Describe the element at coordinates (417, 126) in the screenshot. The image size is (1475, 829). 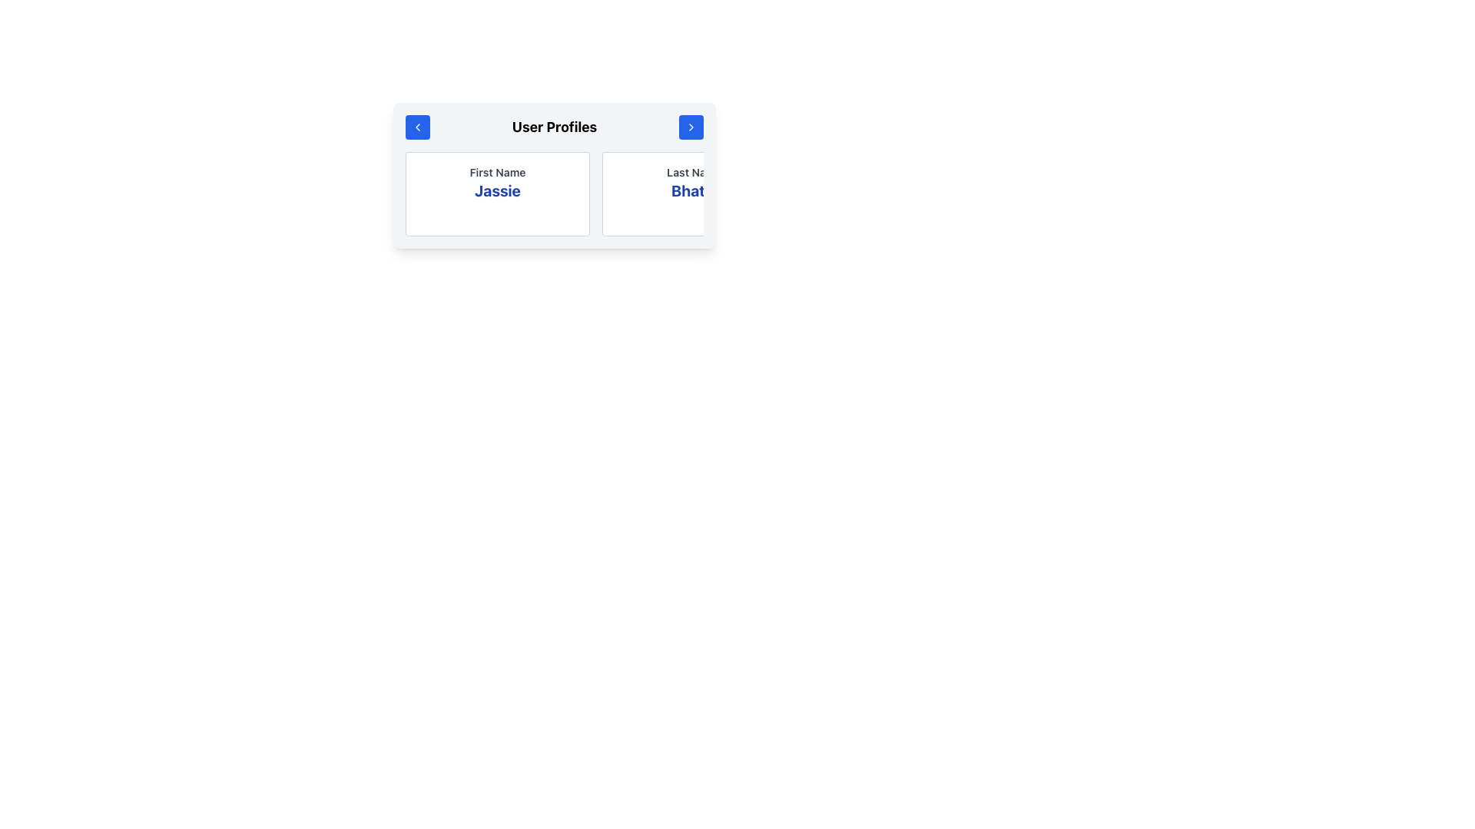
I see `the circular blue button with a white left-pointing arrow located in the 'User Profiles' header` at that location.